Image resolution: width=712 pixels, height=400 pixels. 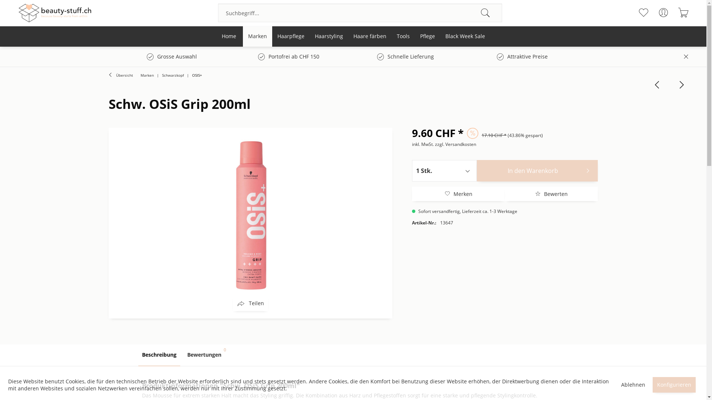 I want to click on 'Marken', so click(x=146, y=75).